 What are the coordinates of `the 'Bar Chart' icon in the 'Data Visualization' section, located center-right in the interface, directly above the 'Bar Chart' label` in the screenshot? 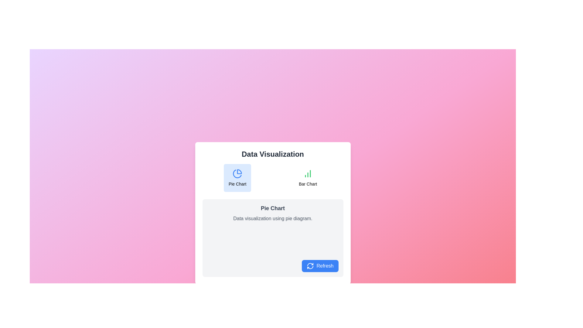 It's located at (308, 173).